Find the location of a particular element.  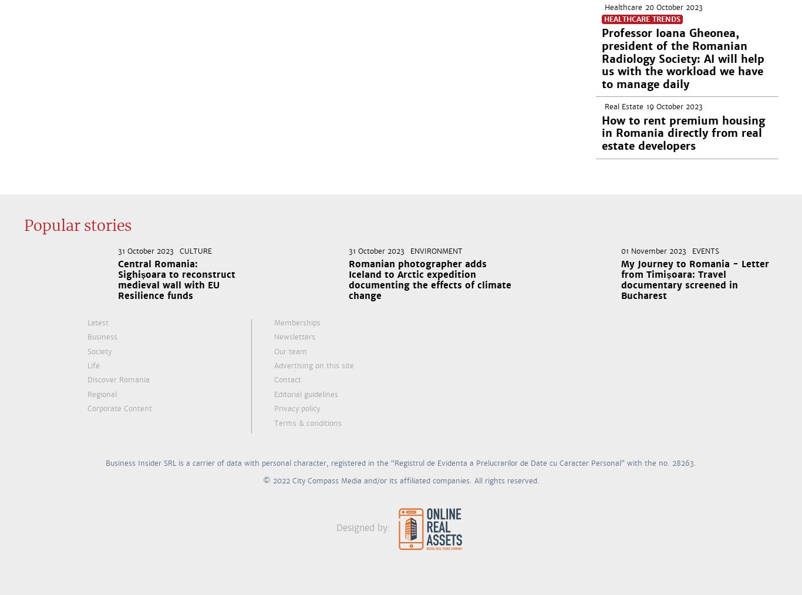

'Our team' is located at coordinates (291, 351).